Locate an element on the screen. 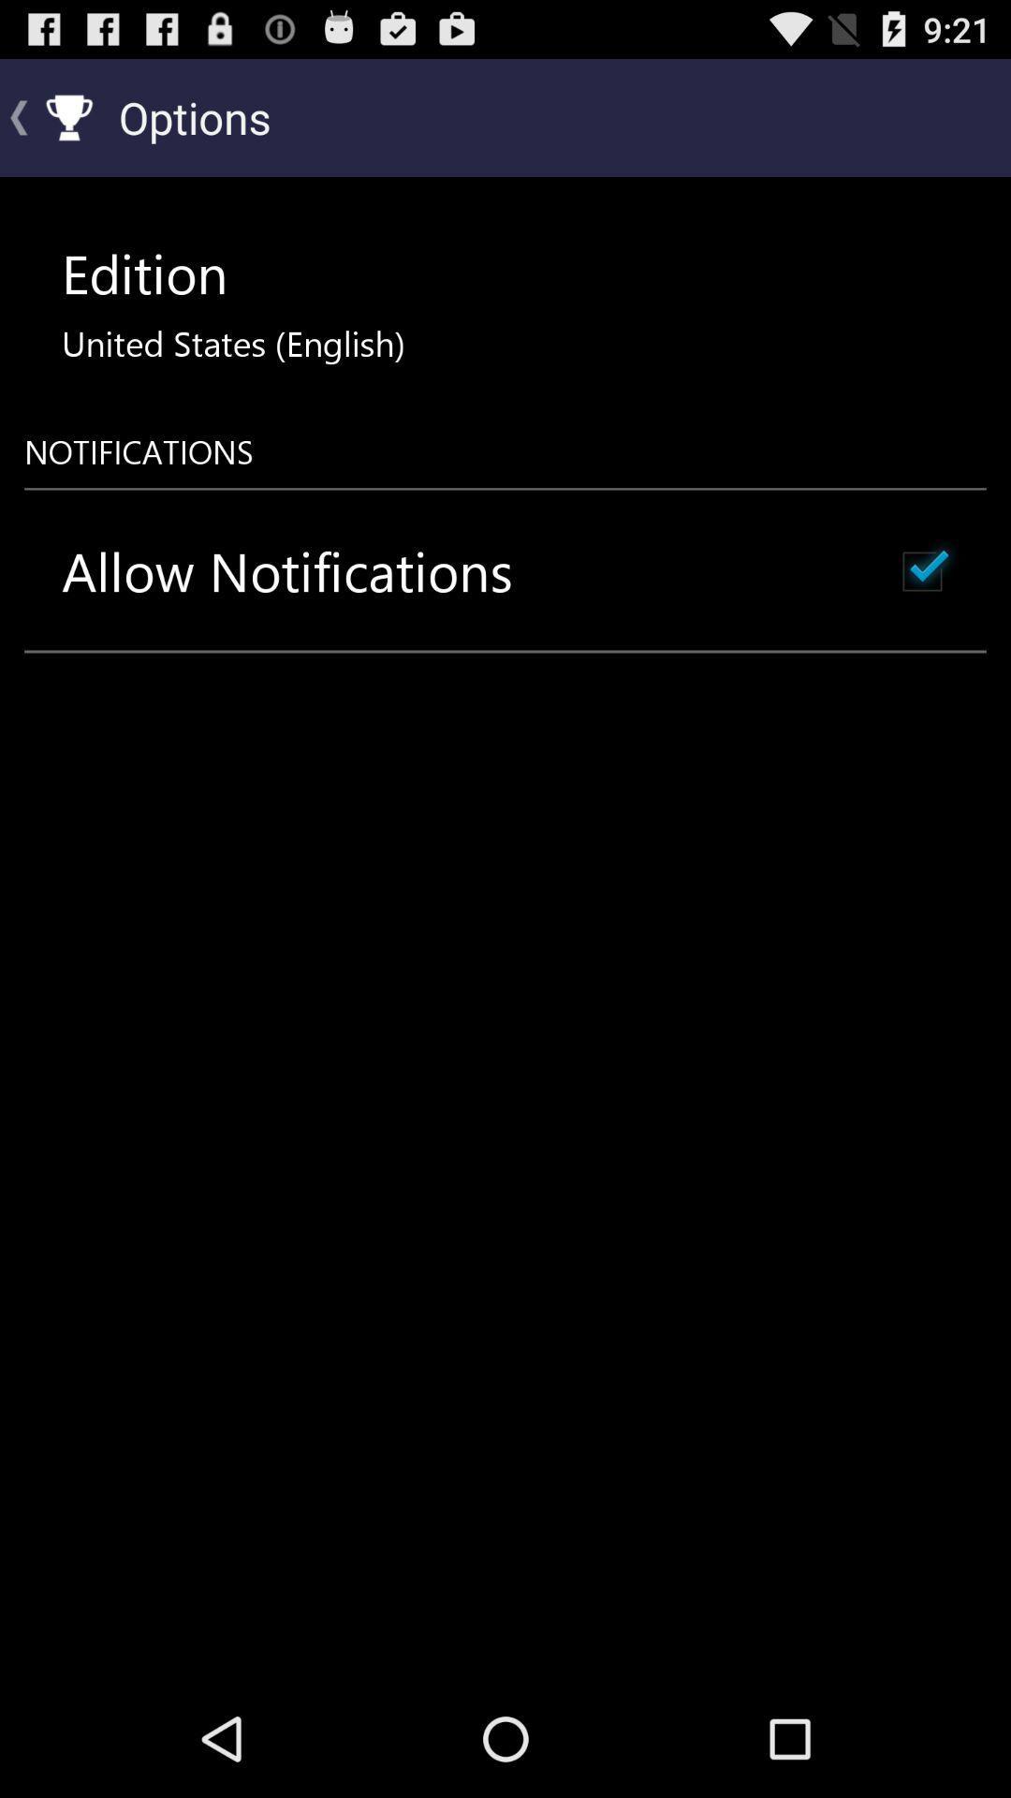  united states (english) icon is located at coordinates (232, 344).